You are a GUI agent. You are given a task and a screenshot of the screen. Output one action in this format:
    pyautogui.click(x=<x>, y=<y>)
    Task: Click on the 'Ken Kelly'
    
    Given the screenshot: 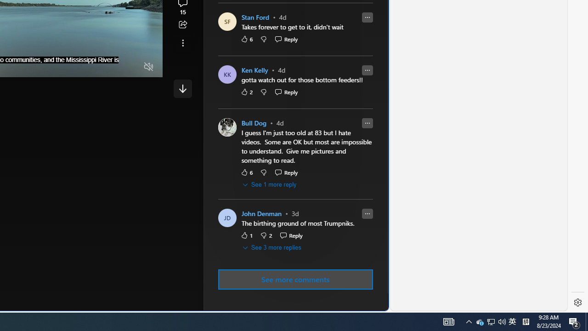 What is the action you would take?
    pyautogui.click(x=254, y=70)
    